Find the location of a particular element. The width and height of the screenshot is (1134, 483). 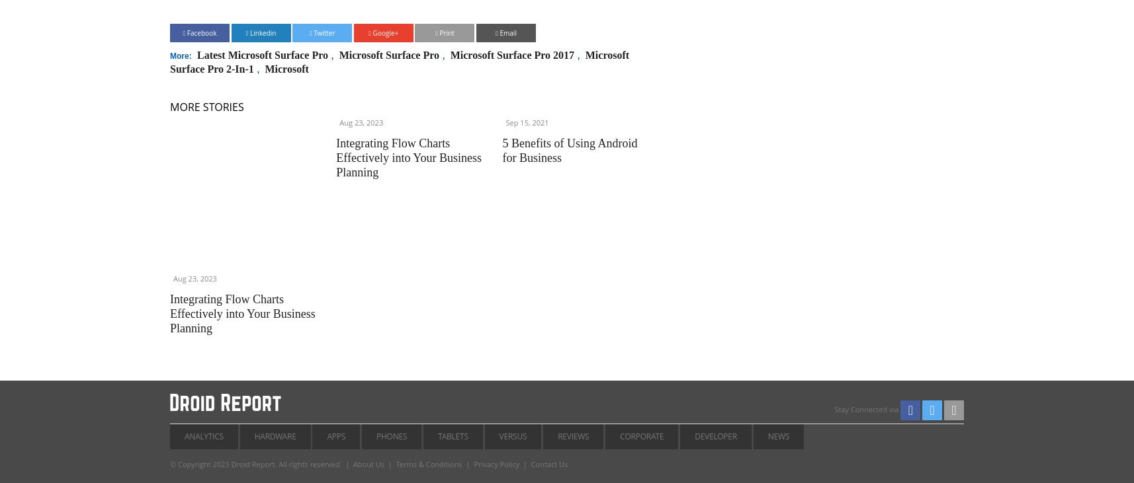

'Versus' is located at coordinates (513, 435).